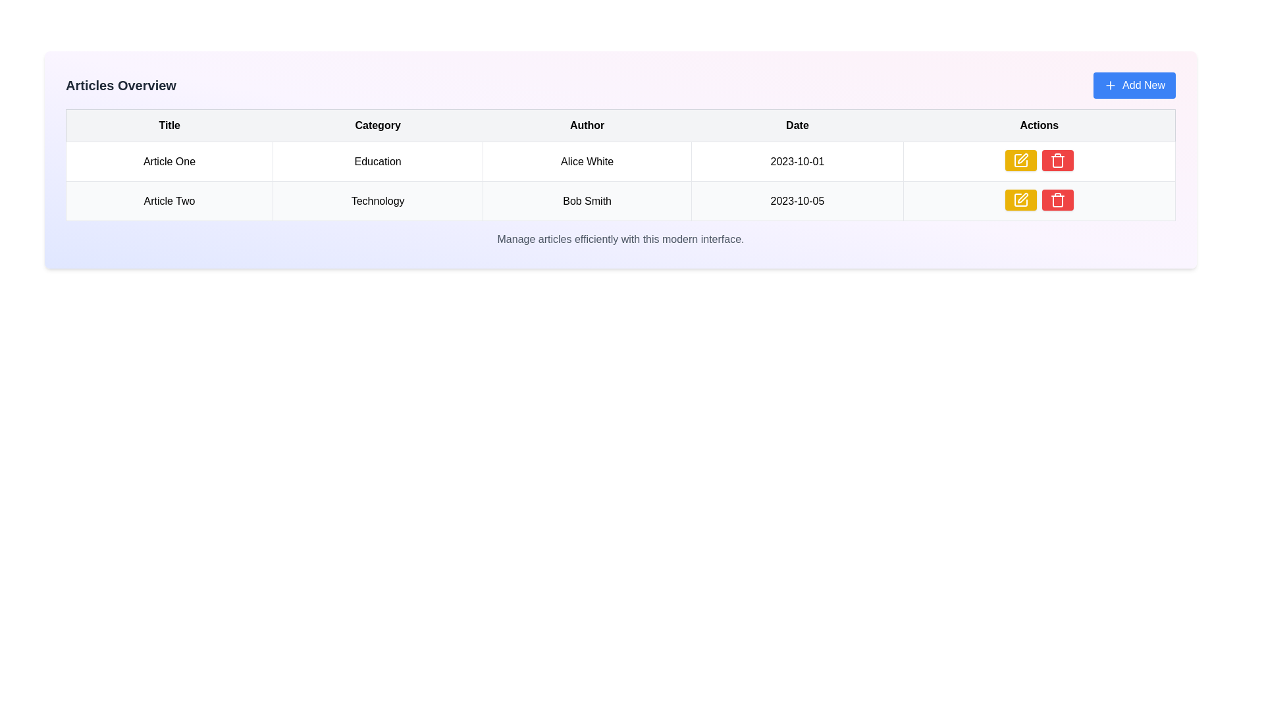 The height and width of the screenshot is (711, 1264). Describe the element at coordinates (1020, 200) in the screenshot. I see `the pen icon within the yellow button in the 'Actions' column of the second row to initiate the edit action for the corresponding entry` at that location.